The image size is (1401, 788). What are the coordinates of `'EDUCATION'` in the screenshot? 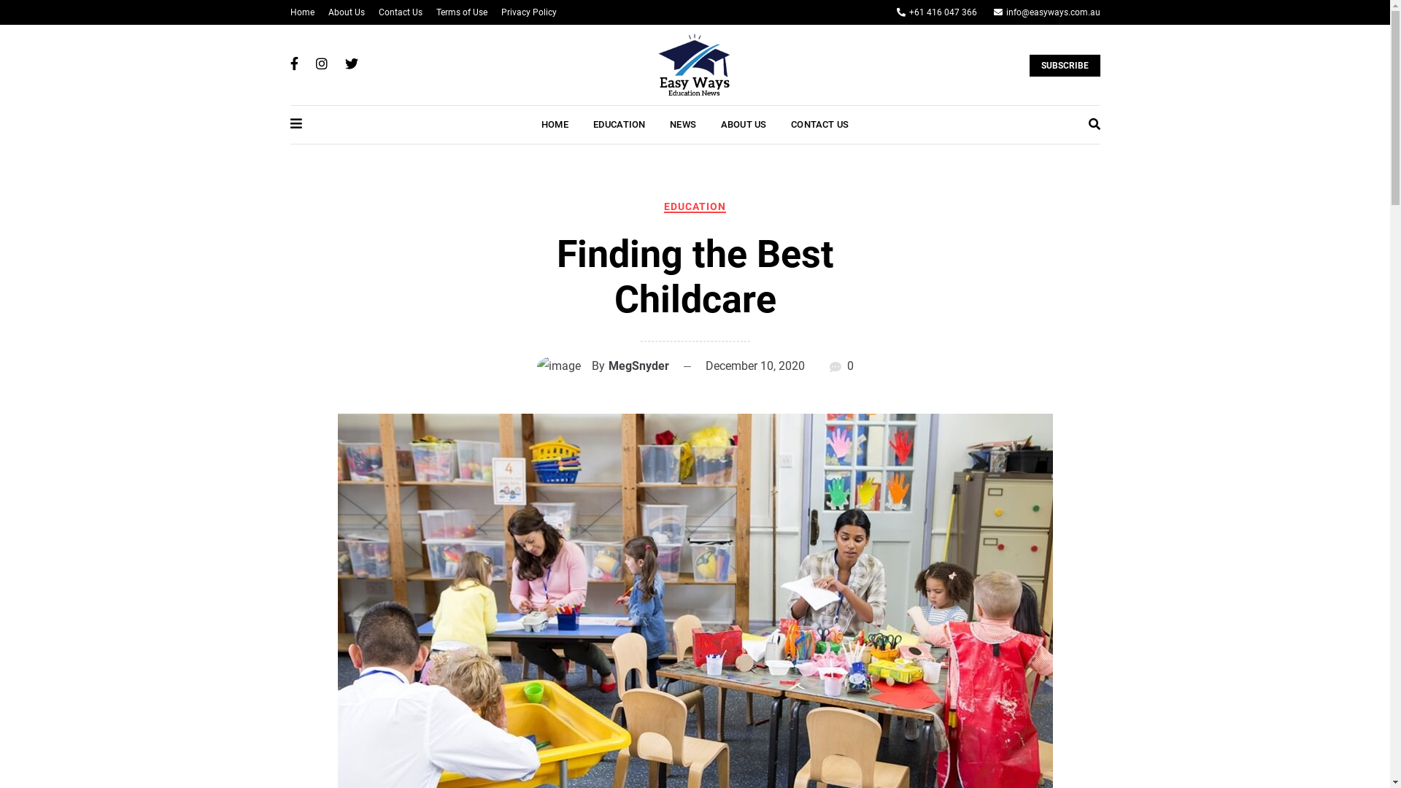 It's located at (694, 206).